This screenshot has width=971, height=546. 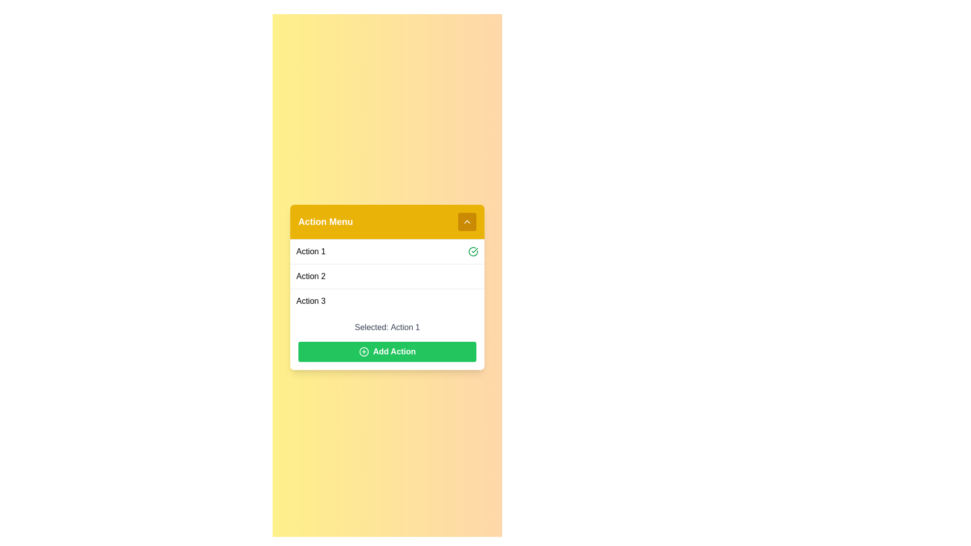 What do you see at coordinates (387, 341) in the screenshot?
I see `text label 'Selected: Action 1' to understand the current selection displayed in the lower section of the 'Action Menu' card` at bounding box center [387, 341].